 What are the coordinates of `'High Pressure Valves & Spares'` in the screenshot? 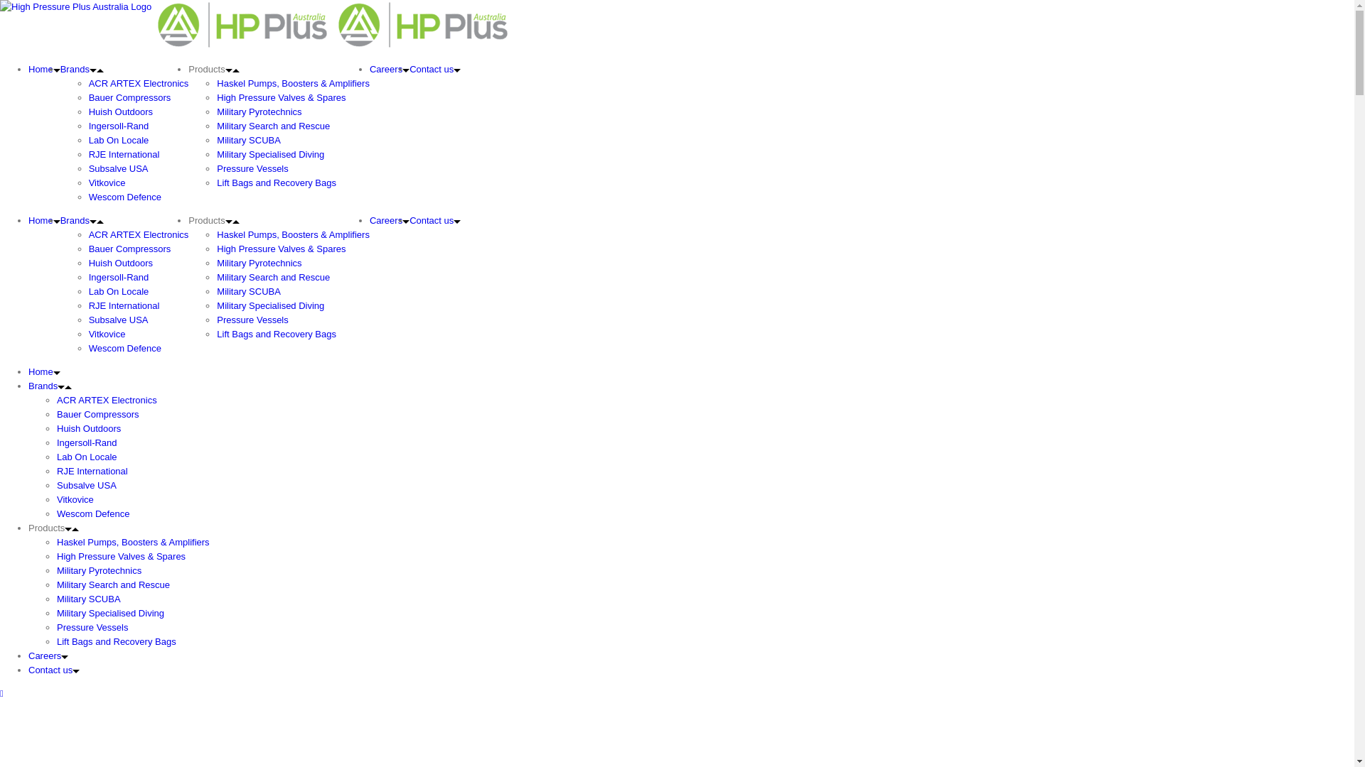 It's located at (281, 248).